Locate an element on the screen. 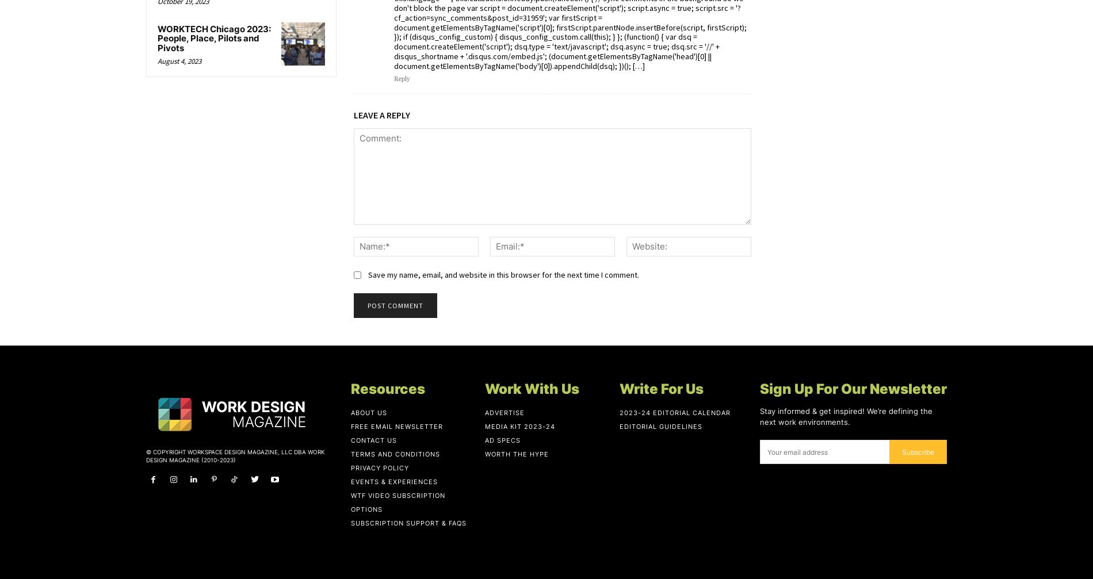 This screenshot has height=579, width=1093. 'Editorial Guidelines' is located at coordinates (660, 425).